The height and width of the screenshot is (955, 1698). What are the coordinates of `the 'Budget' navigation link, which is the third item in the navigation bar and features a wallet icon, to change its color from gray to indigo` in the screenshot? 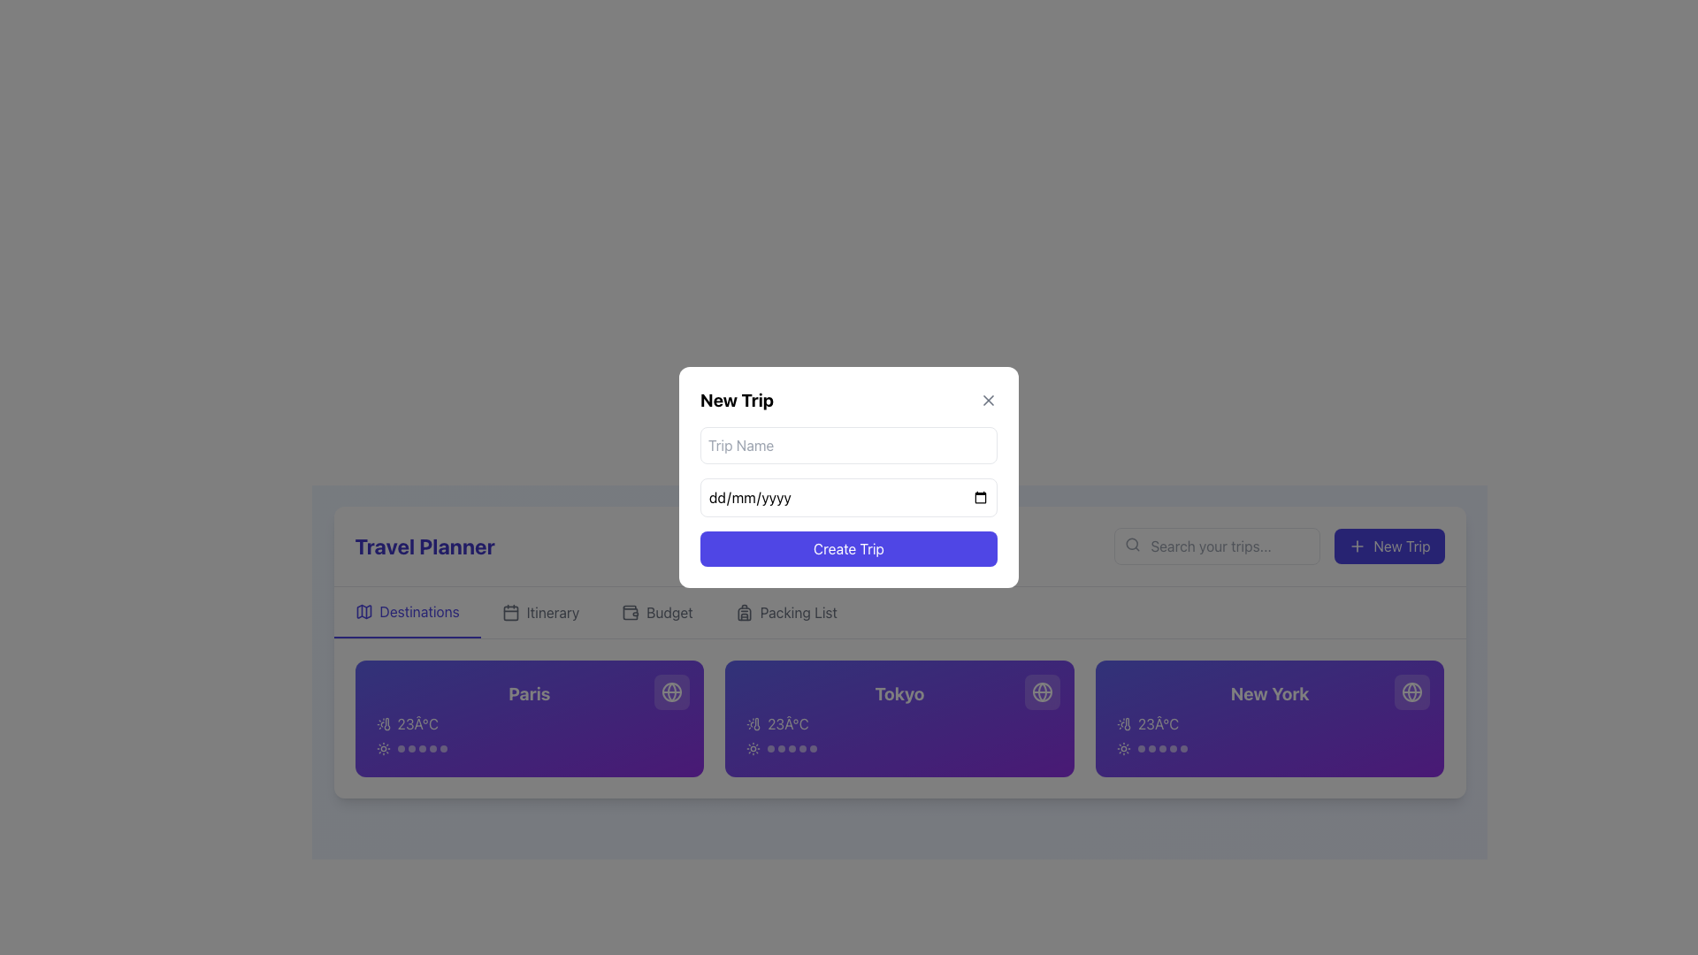 It's located at (656, 612).